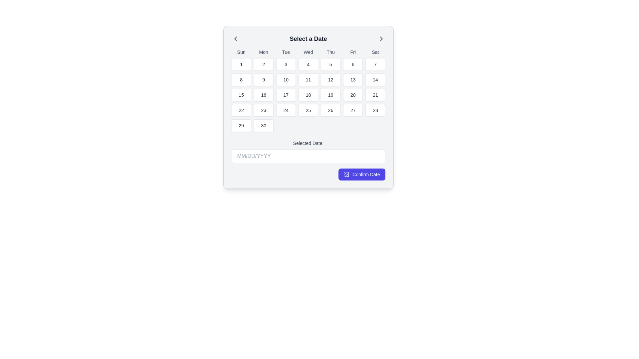  What do you see at coordinates (375, 110) in the screenshot?
I see `the rectangular button labeled '28' located in the sixth row and seventh column under the 'Sat' column header in the calendar interface` at bounding box center [375, 110].